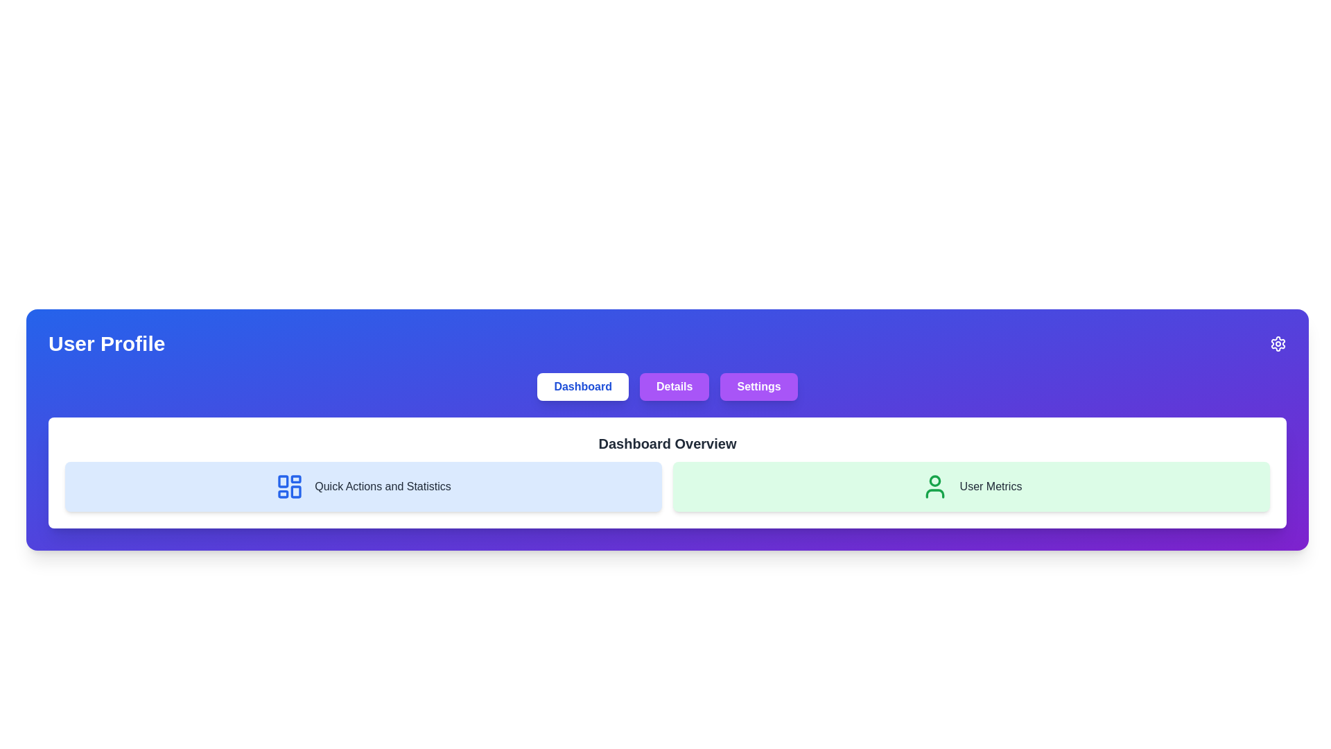  Describe the element at coordinates (106, 343) in the screenshot. I see `the 'User Profile' text label located in the upper-left corner of the interface, which serves as the header title for the current page` at that location.